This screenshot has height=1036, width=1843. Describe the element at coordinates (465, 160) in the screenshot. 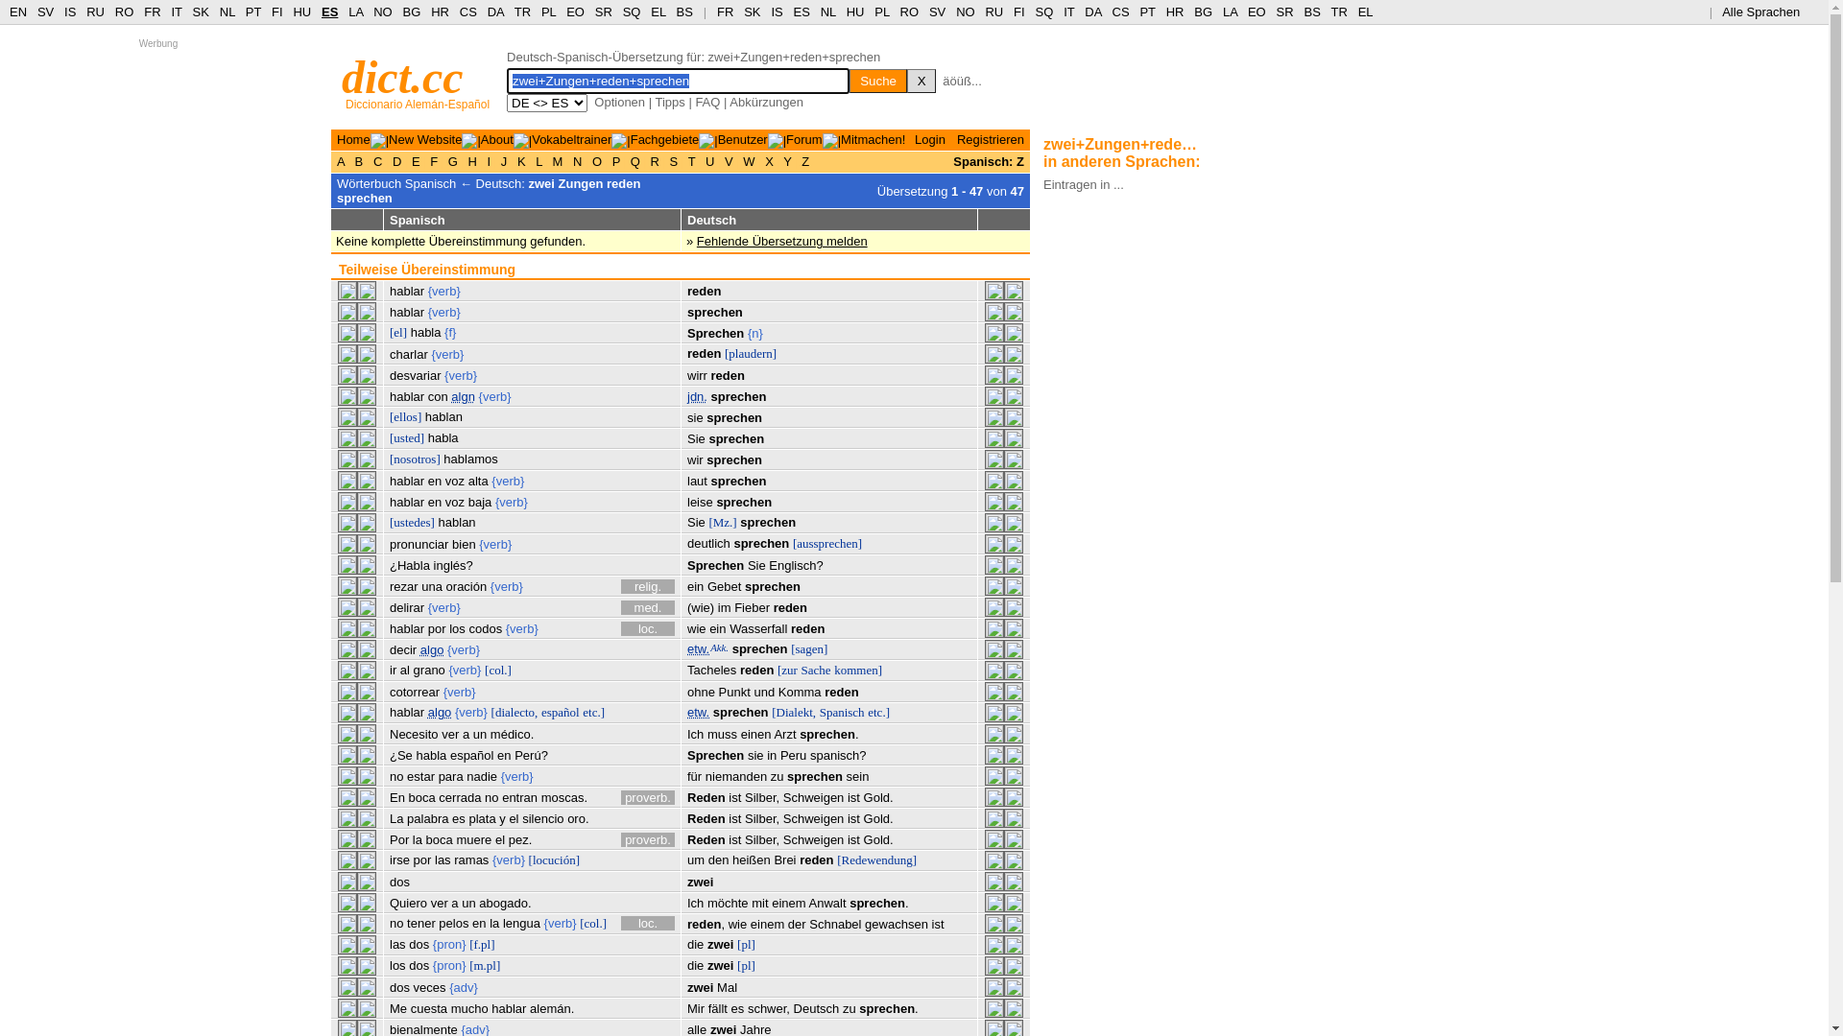

I see `'H'` at that location.